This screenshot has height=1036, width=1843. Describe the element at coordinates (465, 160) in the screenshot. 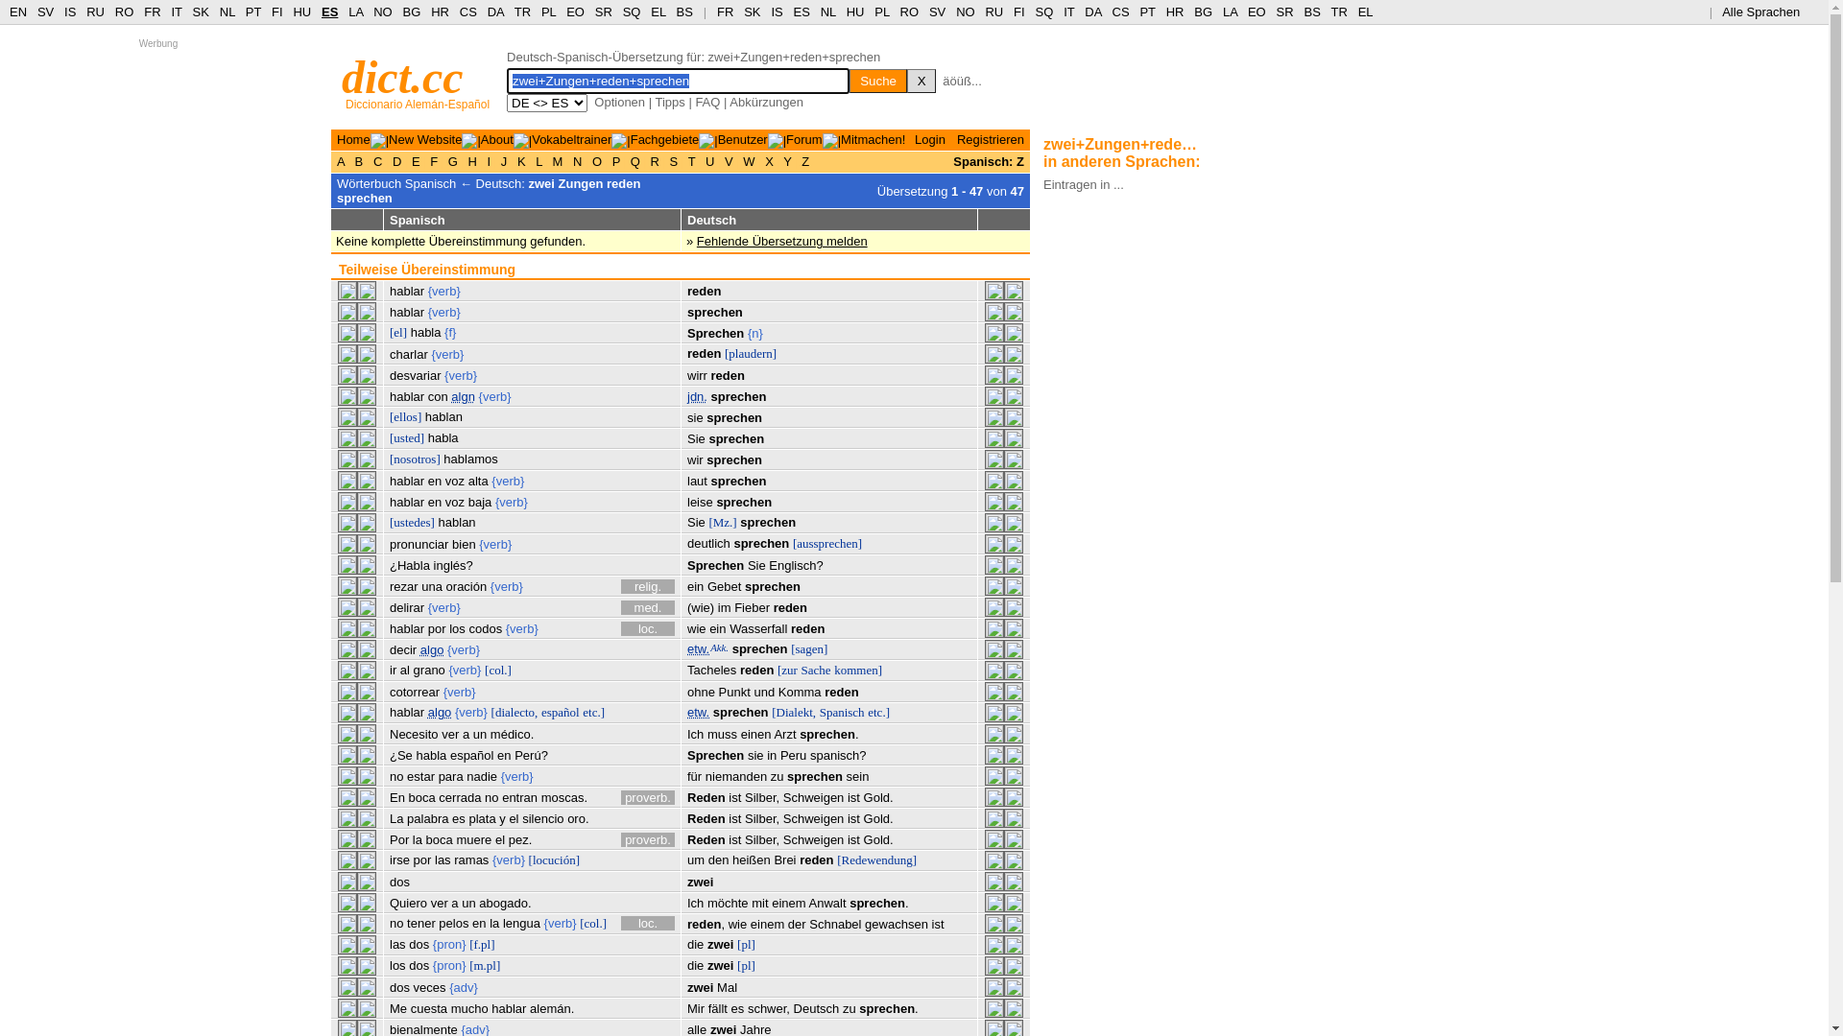

I see `'H'` at that location.